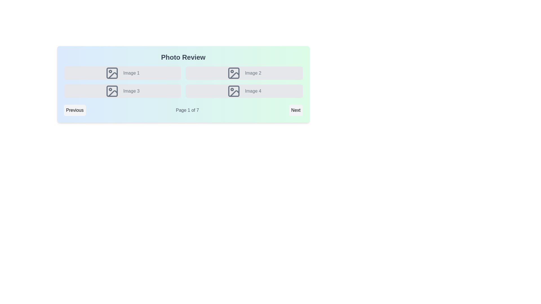  What do you see at coordinates (112, 91) in the screenshot?
I see `the illustrative icon representing 'Image 3', which is the second element in the second row of the grid layout` at bounding box center [112, 91].